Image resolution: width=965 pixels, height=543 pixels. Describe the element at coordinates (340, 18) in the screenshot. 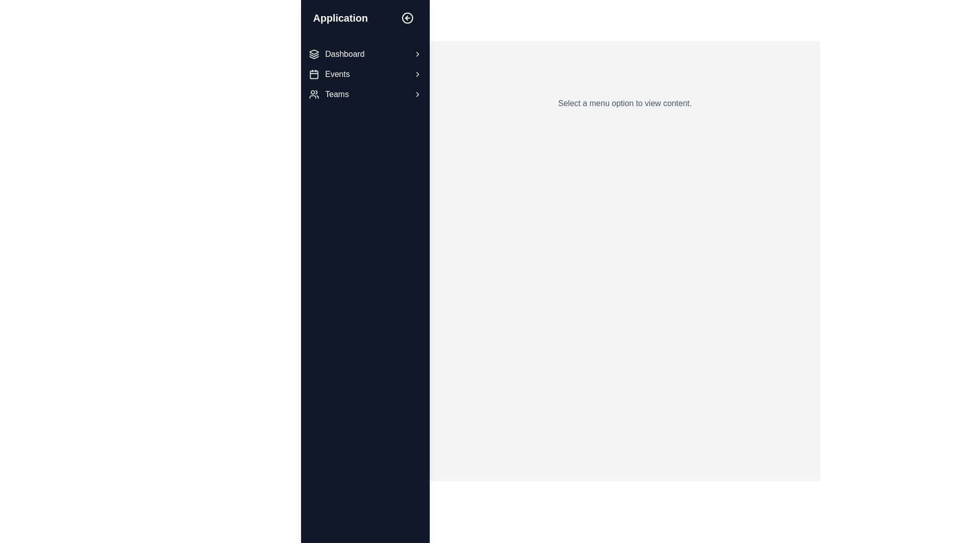

I see `the text label that serves as the title or brand indicator for the application interface, located in the left sidebar near the top, above the navigation items` at that location.